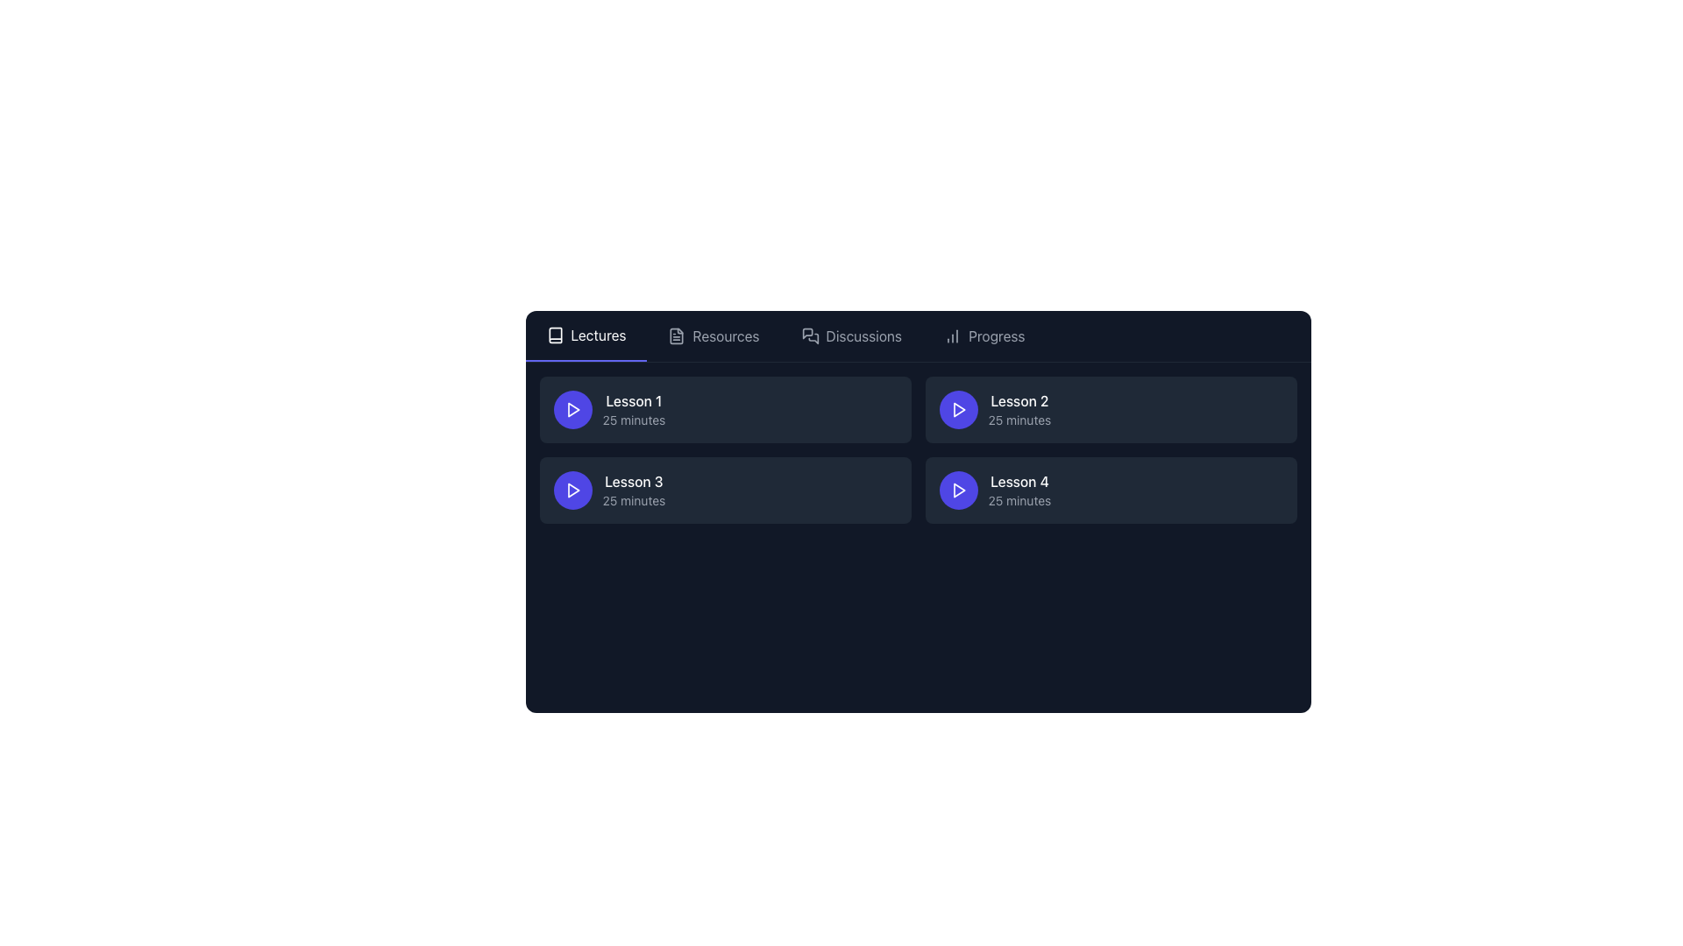  I want to click on the triangular play button icon, which is white with a blue border, so click(573, 409).